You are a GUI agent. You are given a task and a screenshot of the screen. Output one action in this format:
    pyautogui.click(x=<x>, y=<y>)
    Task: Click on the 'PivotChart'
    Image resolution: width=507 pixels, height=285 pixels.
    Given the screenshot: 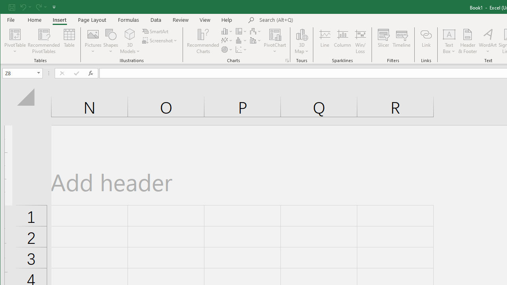 What is the action you would take?
    pyautogui.click(x=275, y=34)
    